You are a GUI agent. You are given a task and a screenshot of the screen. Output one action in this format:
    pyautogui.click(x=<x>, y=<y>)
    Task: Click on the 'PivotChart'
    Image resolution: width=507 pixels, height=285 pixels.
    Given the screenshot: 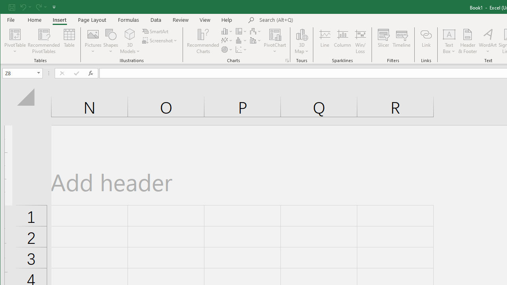 What is the action you would take?
    pyautogui.click(x=275, y=34)
    